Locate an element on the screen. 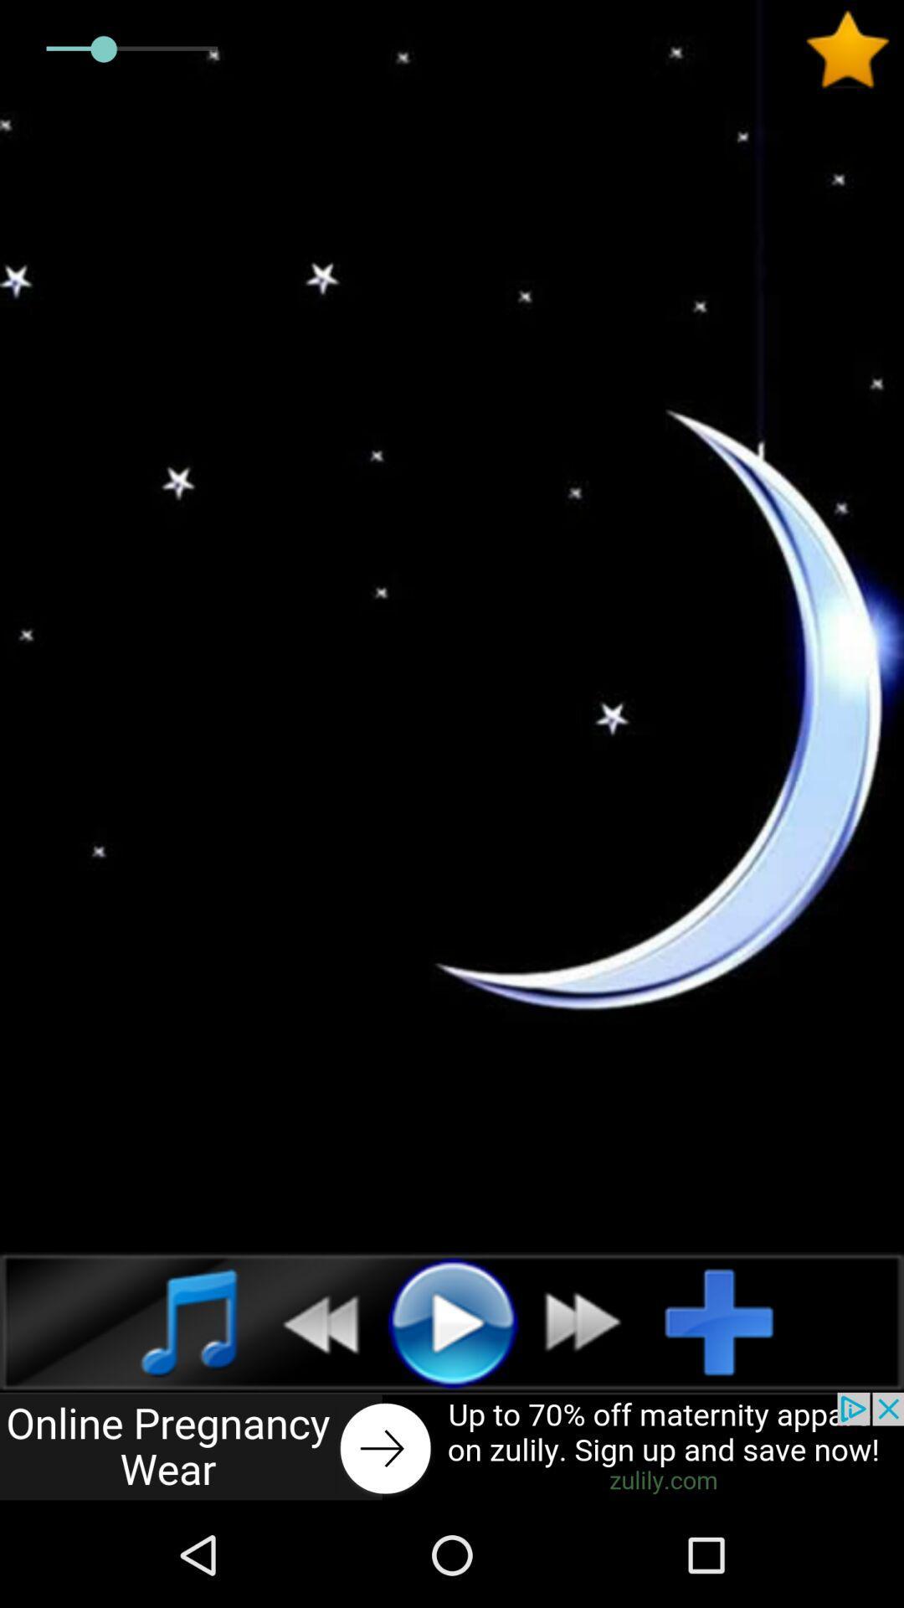  play button is located at coordinates (452, 1321).